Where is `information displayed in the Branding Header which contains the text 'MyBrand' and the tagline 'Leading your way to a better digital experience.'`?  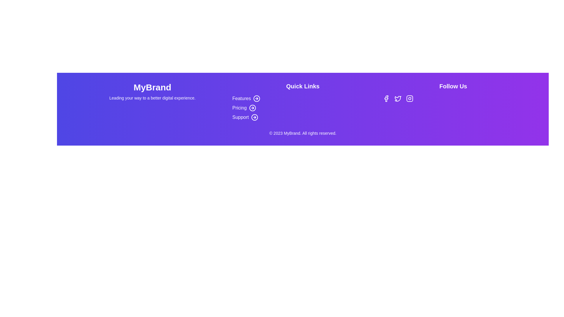
information displayed in the Branding Header which contains the text 'MyBrand' and the tagline 'Leading your way to a better digital experience.' is located at coordinates (152, 101).